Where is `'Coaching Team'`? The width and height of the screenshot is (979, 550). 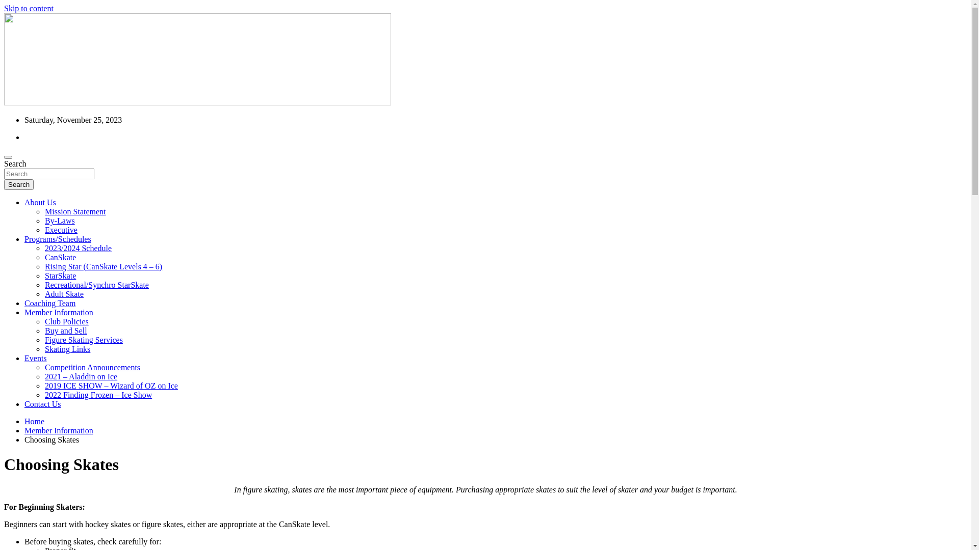
'Coaching Team' is located at coordinates (49, 302).